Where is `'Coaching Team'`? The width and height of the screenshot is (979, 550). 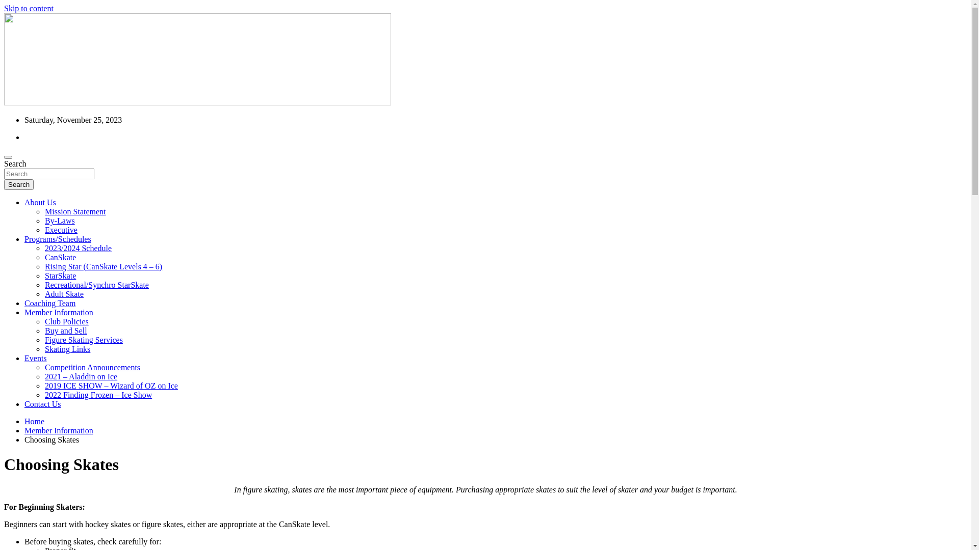
'Coaching Team' is located at coordinates (49, 302).